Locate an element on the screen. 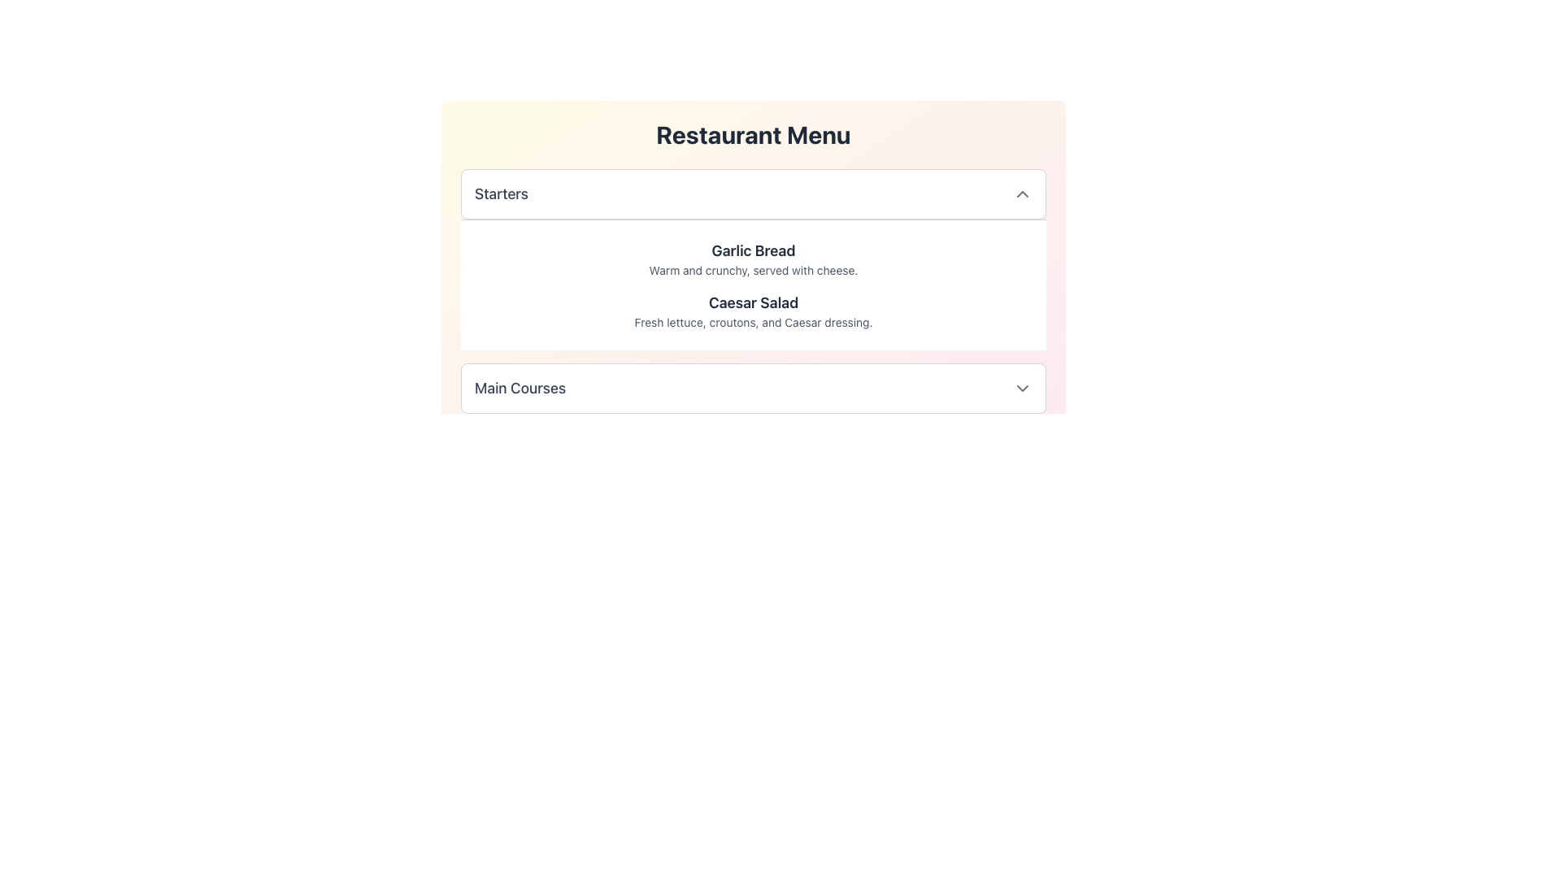 The height and width of the screenshot is (878, 1561). the interactive items within the restaurant menu section, which is a composite UI component featuring styled headings and descriptive text, centrally positioned and distinguishable by its background gradient is located at coordinates (752, 304).